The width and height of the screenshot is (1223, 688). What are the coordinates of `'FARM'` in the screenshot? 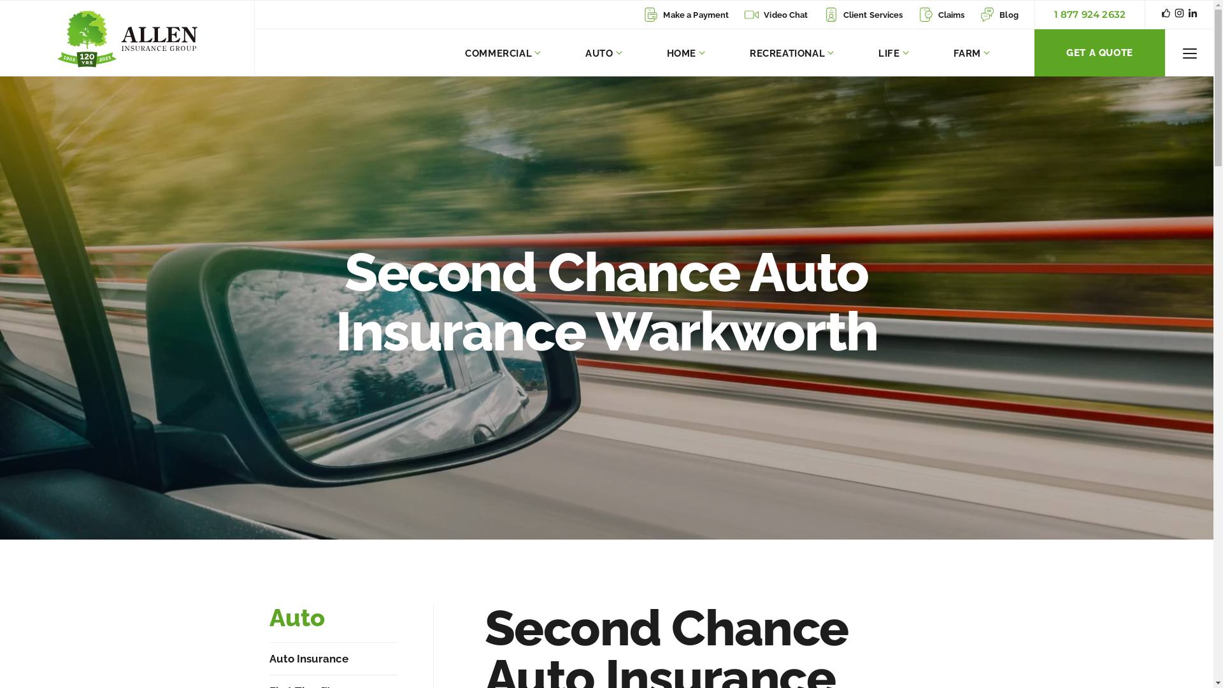 It's located at (971, 52).